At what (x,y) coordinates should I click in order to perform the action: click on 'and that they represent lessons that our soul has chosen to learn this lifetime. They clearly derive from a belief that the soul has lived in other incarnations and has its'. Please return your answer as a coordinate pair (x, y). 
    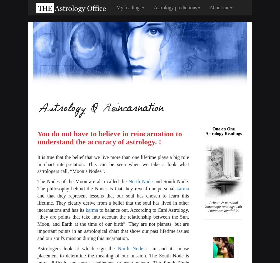
    Looking at the image, I should click on (113, 202).